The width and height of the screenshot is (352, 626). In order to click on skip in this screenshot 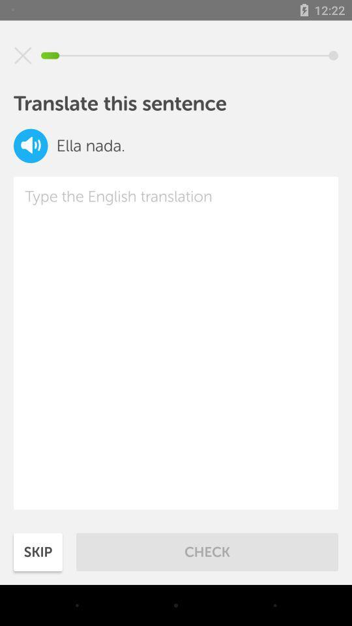, I will do `click(38, 551)`.